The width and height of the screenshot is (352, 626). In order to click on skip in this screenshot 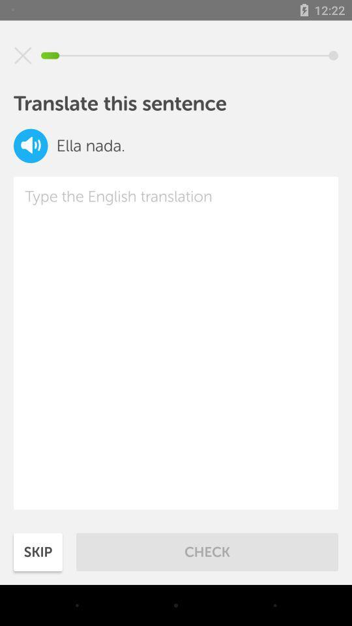, I will do `click(38, 551)`.